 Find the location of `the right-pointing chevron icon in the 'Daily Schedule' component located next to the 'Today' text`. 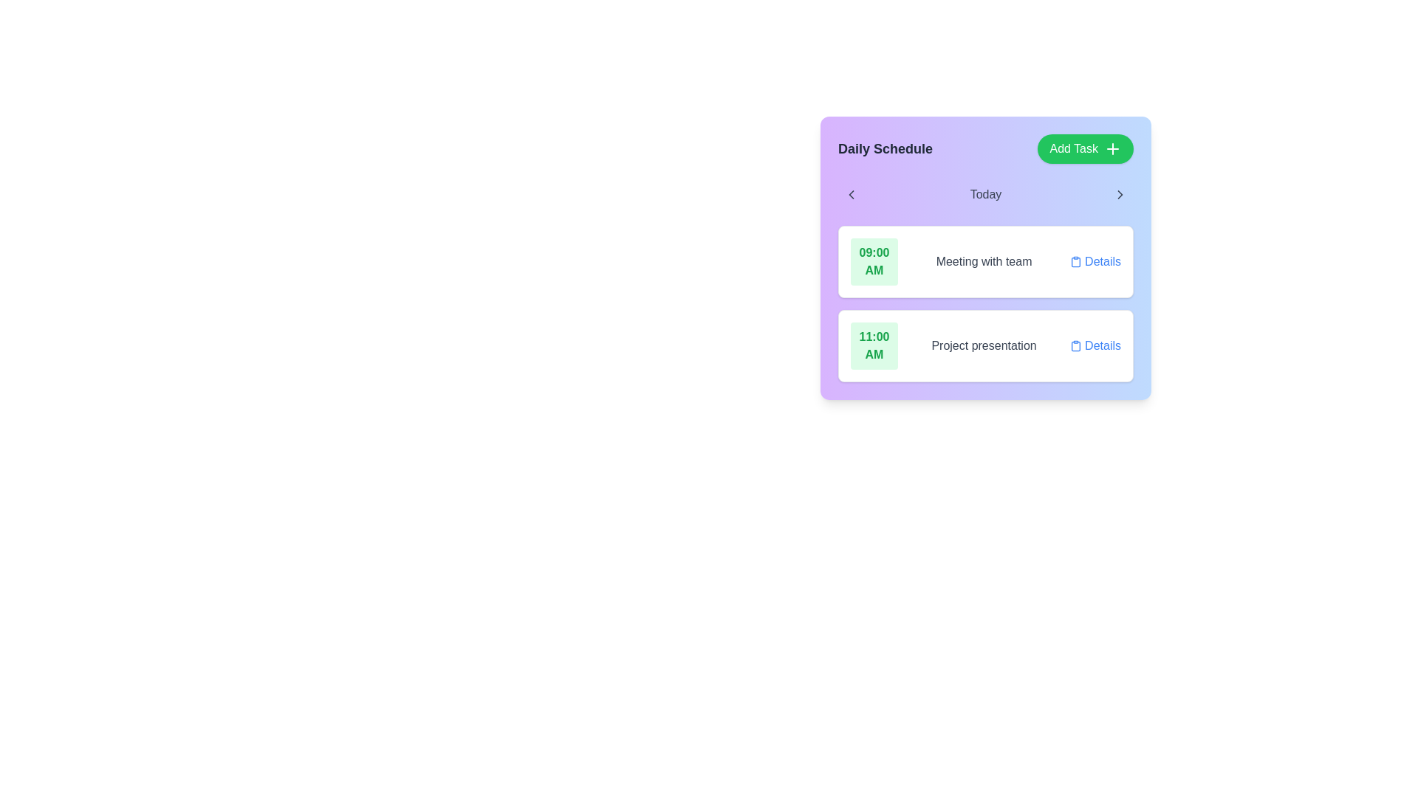

the right-pointing chevron icon in the 'Daily Schedule' component located next to the 'Today' text is located at coordinates (1120, 193).